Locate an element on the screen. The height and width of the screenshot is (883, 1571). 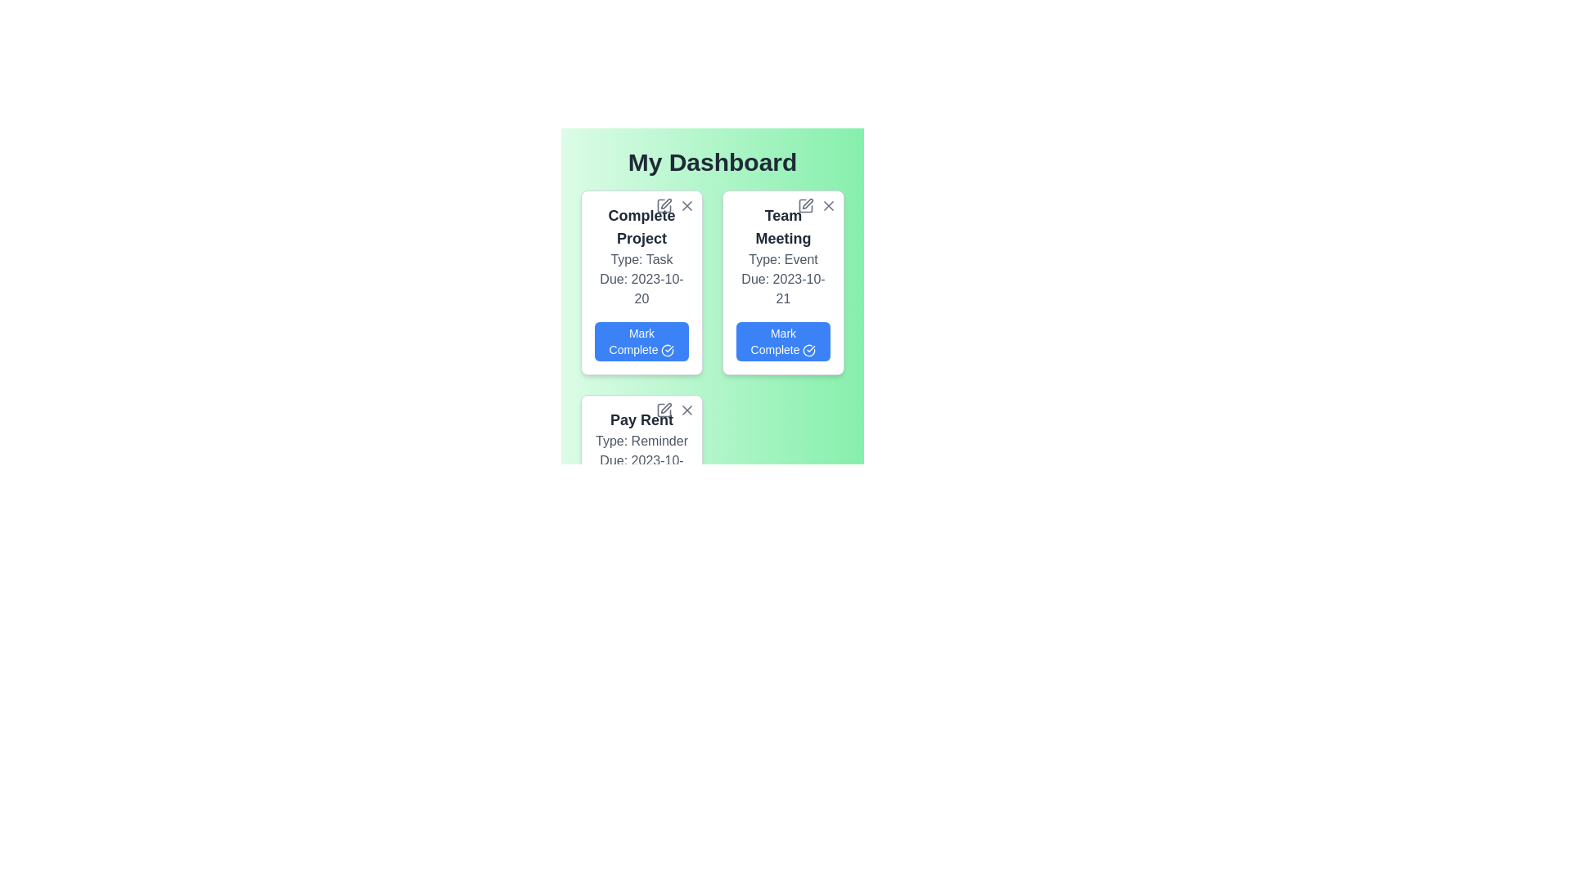
the gray 'X' icon button in the top-right corner of the 'Team Meeting' card to change its appearance to red is located at coordinates (828, 204).